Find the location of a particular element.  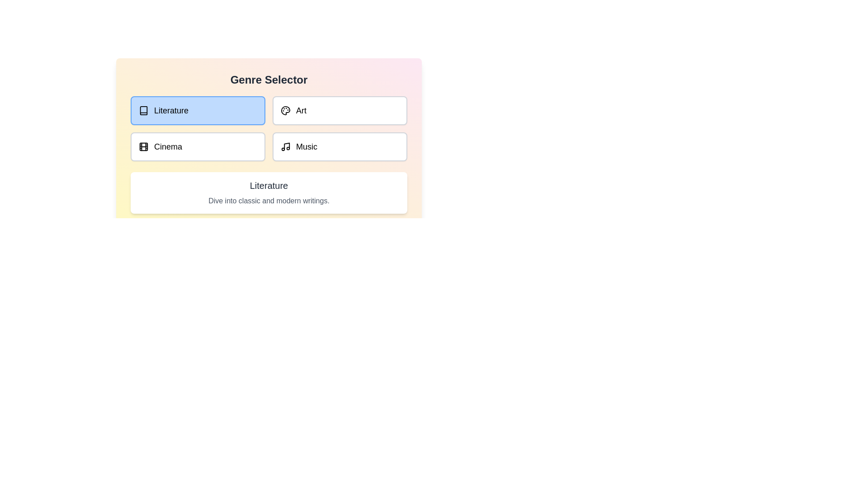

the literature icon located within the left portion of the 'Literature' button, which is part of a genre selection grouping is located at coordinates (143, 110).